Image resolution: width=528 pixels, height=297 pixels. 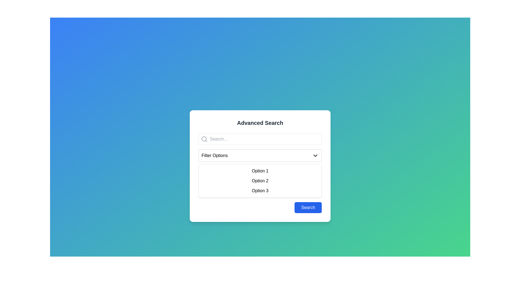 I want to click on the 'Search' button located at the bottom-right corner of the form in the centralized dialog box to initiate the search, so click(x=308, y=208).